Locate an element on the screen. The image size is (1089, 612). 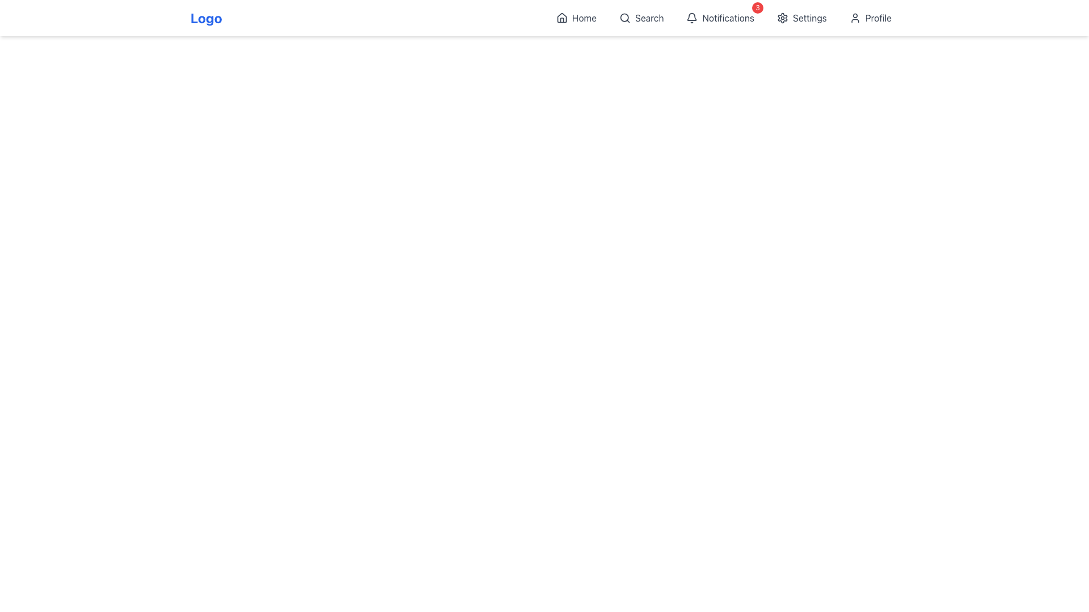
the notification badge in the navigation bar located on the top-right region of the layout to open a detailed notification view is located at coordinates (723, 18).